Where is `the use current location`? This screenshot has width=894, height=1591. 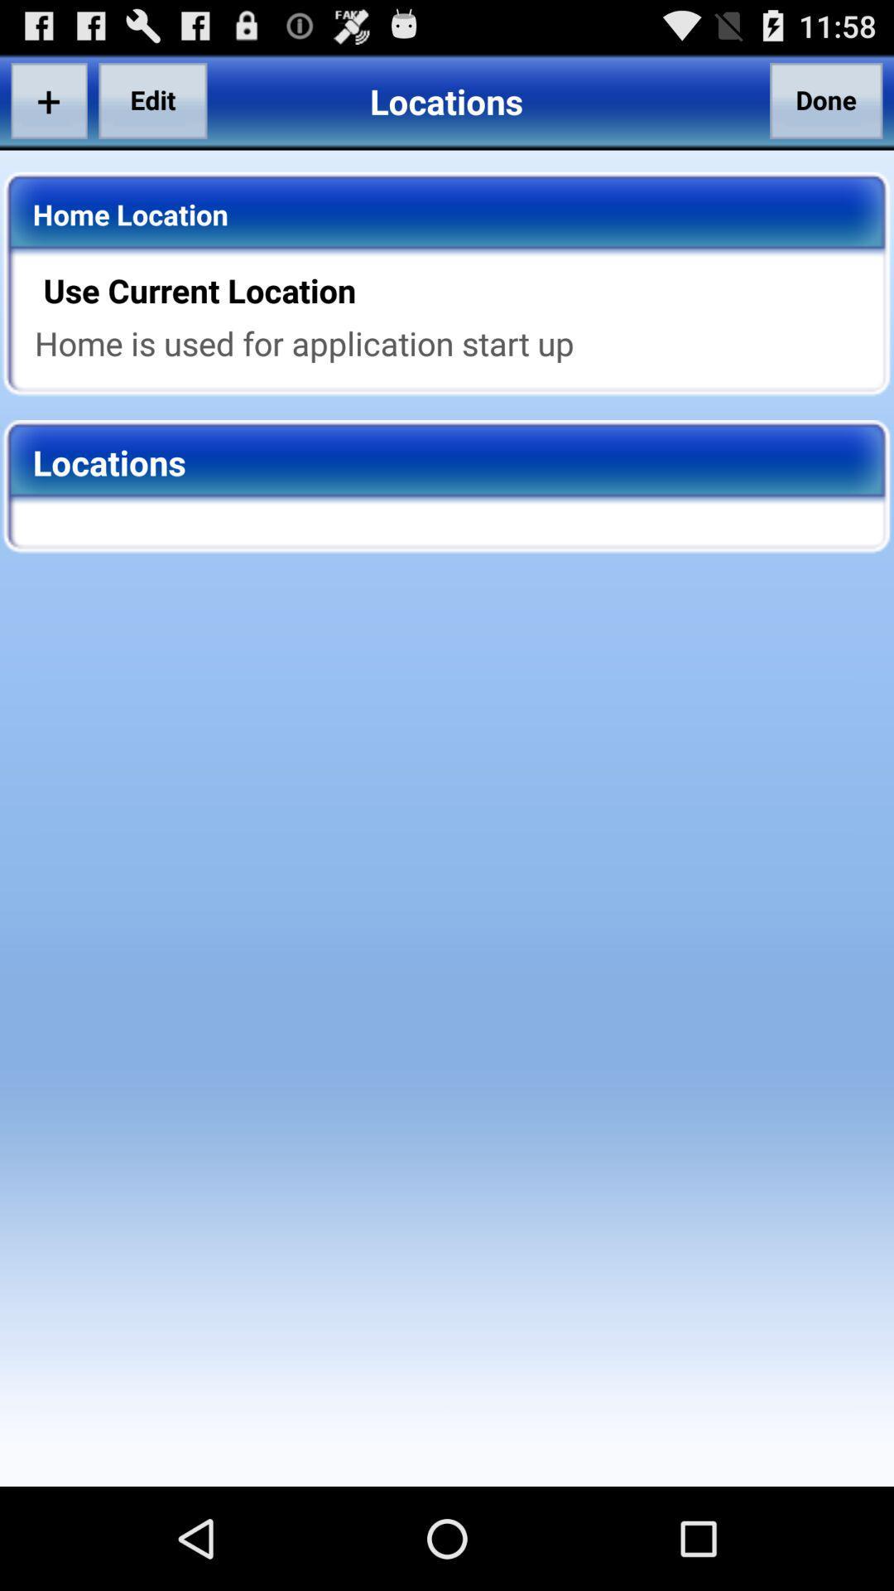 the use current location is located at coordinates (458, 290).